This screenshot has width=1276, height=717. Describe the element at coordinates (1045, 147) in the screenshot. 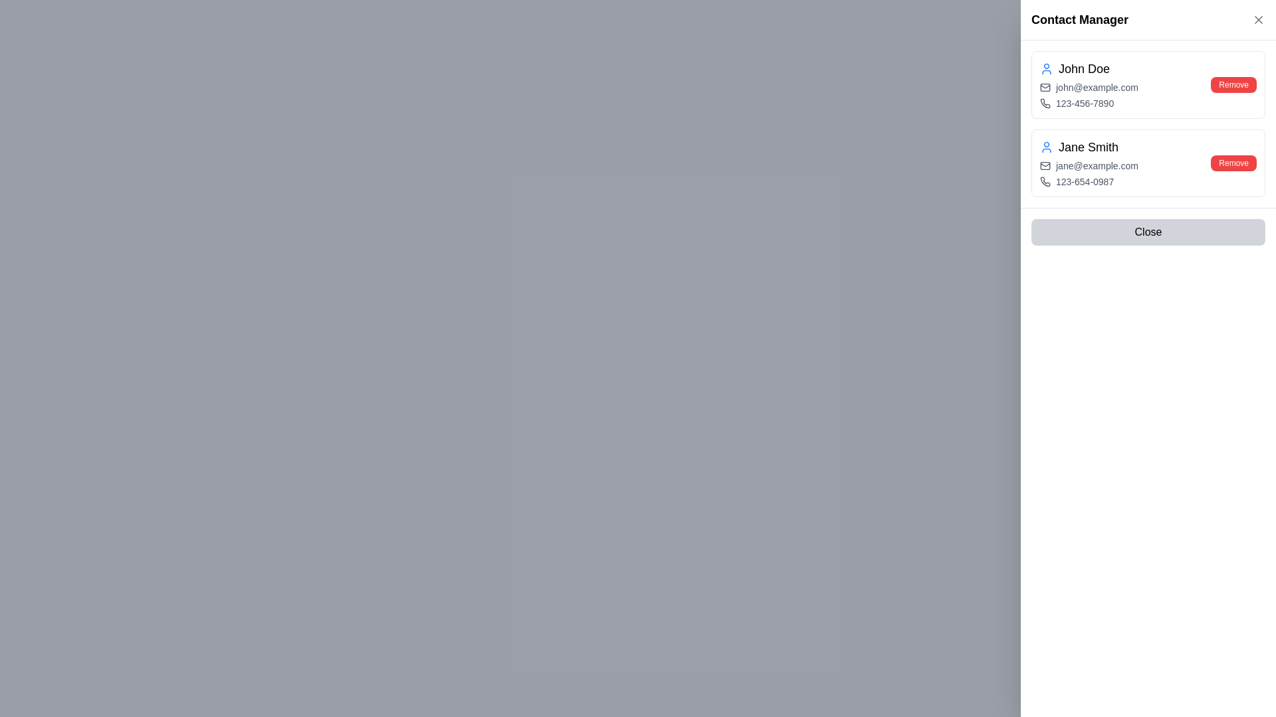

I see `the avatar icon representing 'Jane Smith' in the contact list by clicking on it` at that location.